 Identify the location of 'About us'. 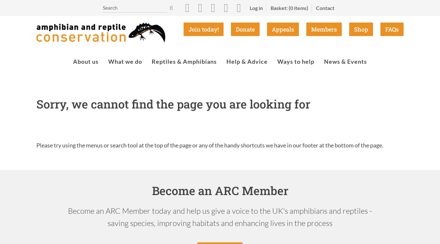
(73, 61).